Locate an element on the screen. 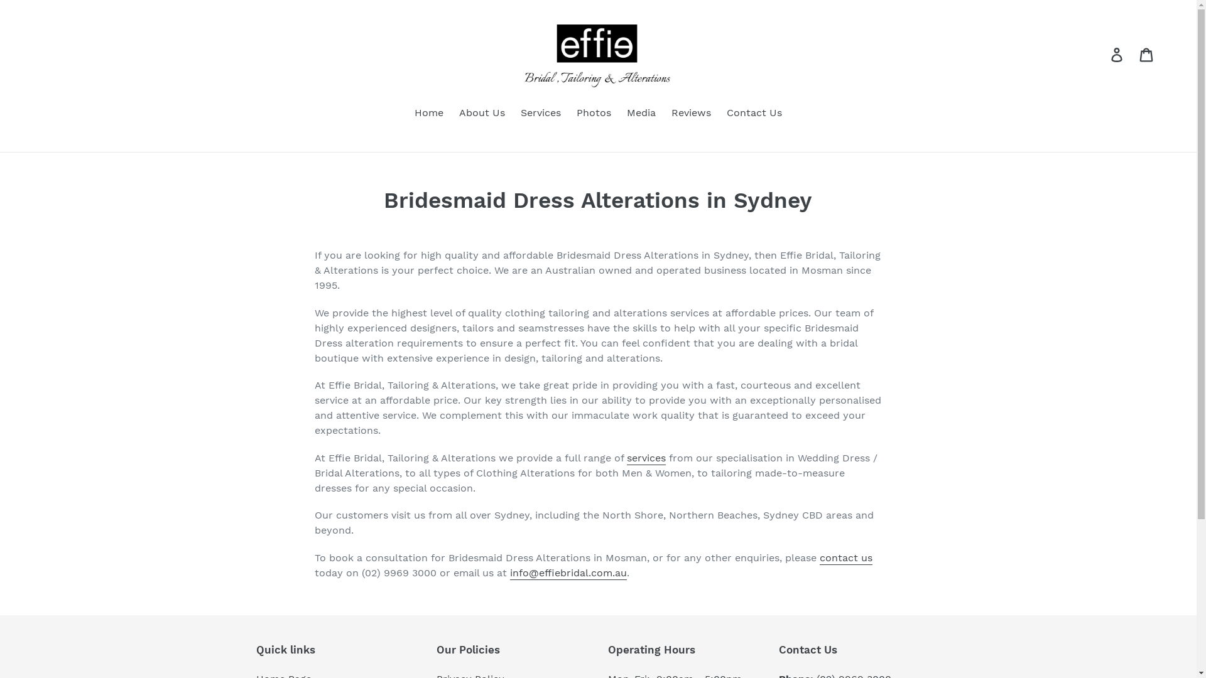 This screenshot has height=678, width=1206. 'About Us' is located at coordinates (481, 114).